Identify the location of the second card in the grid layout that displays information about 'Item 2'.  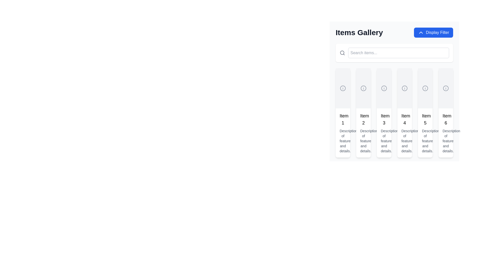
(364, 113).